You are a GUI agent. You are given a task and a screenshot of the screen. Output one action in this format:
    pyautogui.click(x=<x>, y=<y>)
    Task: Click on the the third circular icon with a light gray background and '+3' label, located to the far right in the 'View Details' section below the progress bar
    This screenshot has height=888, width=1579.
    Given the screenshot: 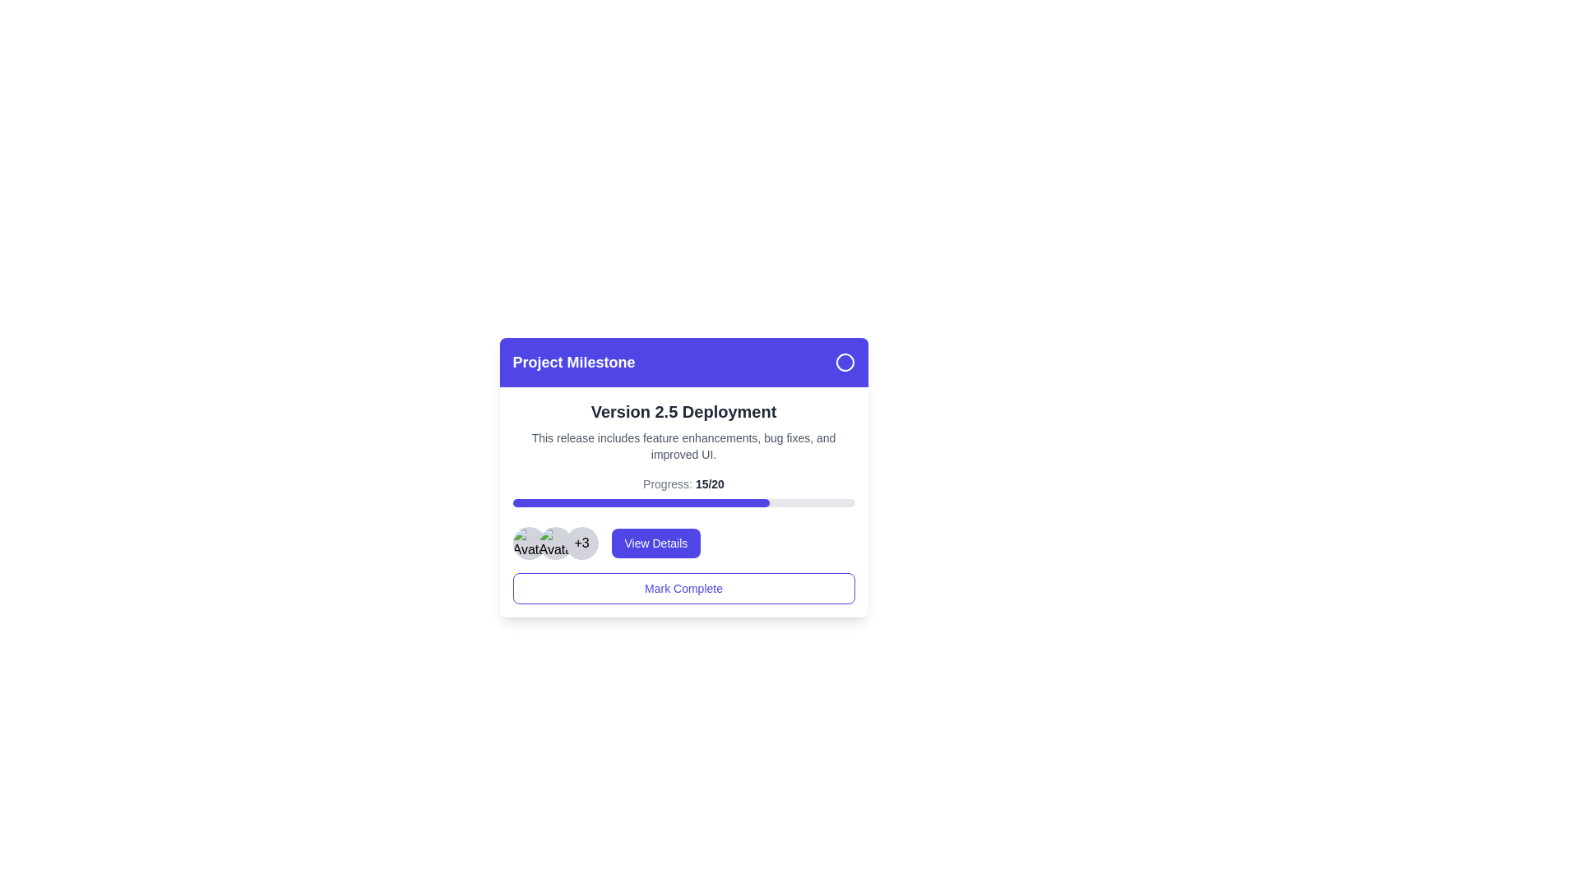 What is the action you would take?
    pyautogui.click(x=555, y=543)
    